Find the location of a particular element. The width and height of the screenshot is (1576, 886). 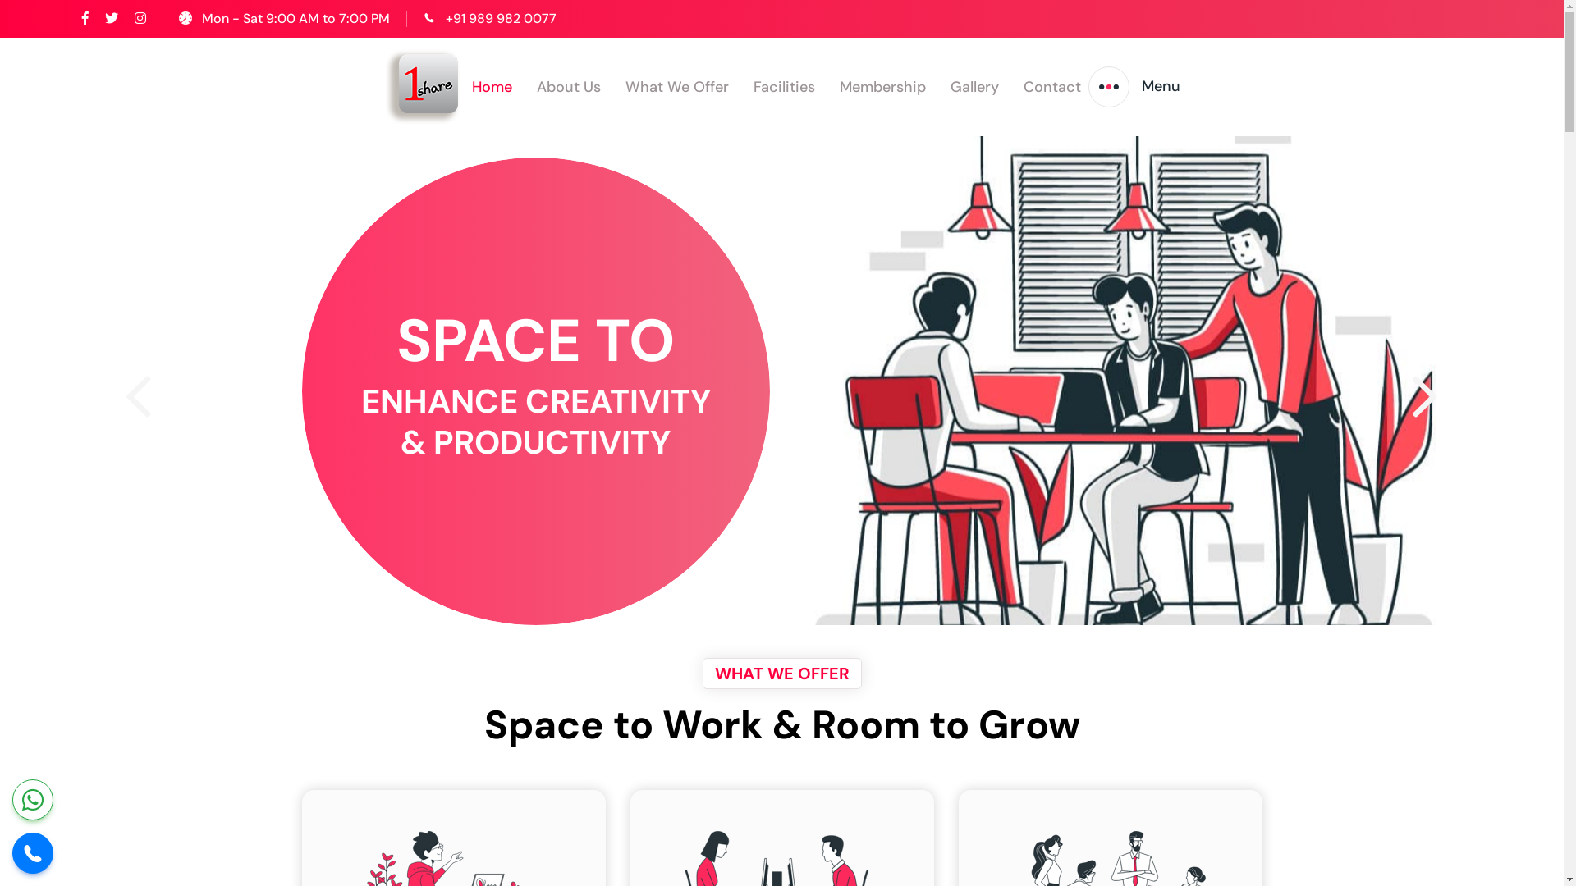

'+91 989 982 0077' is located at coordinates (500, 18).